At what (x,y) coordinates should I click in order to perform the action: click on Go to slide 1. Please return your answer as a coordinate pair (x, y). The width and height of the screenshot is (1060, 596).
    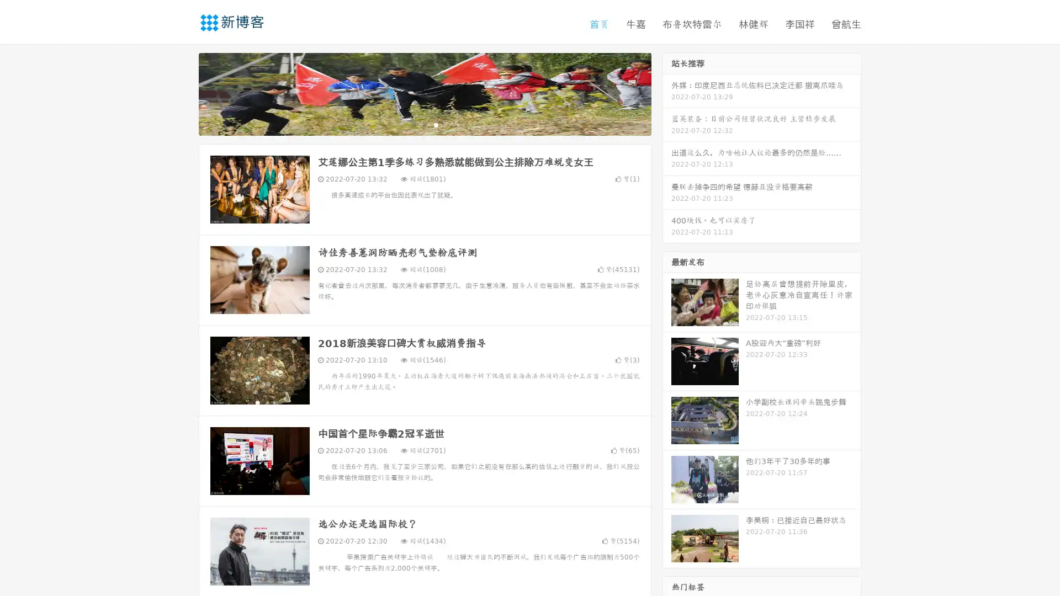
    Looking at the image, I should click on (413, 124).